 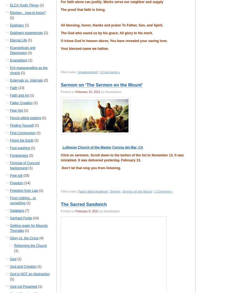 I want to click on 'Uncategorized', so click(x=88, y=72).